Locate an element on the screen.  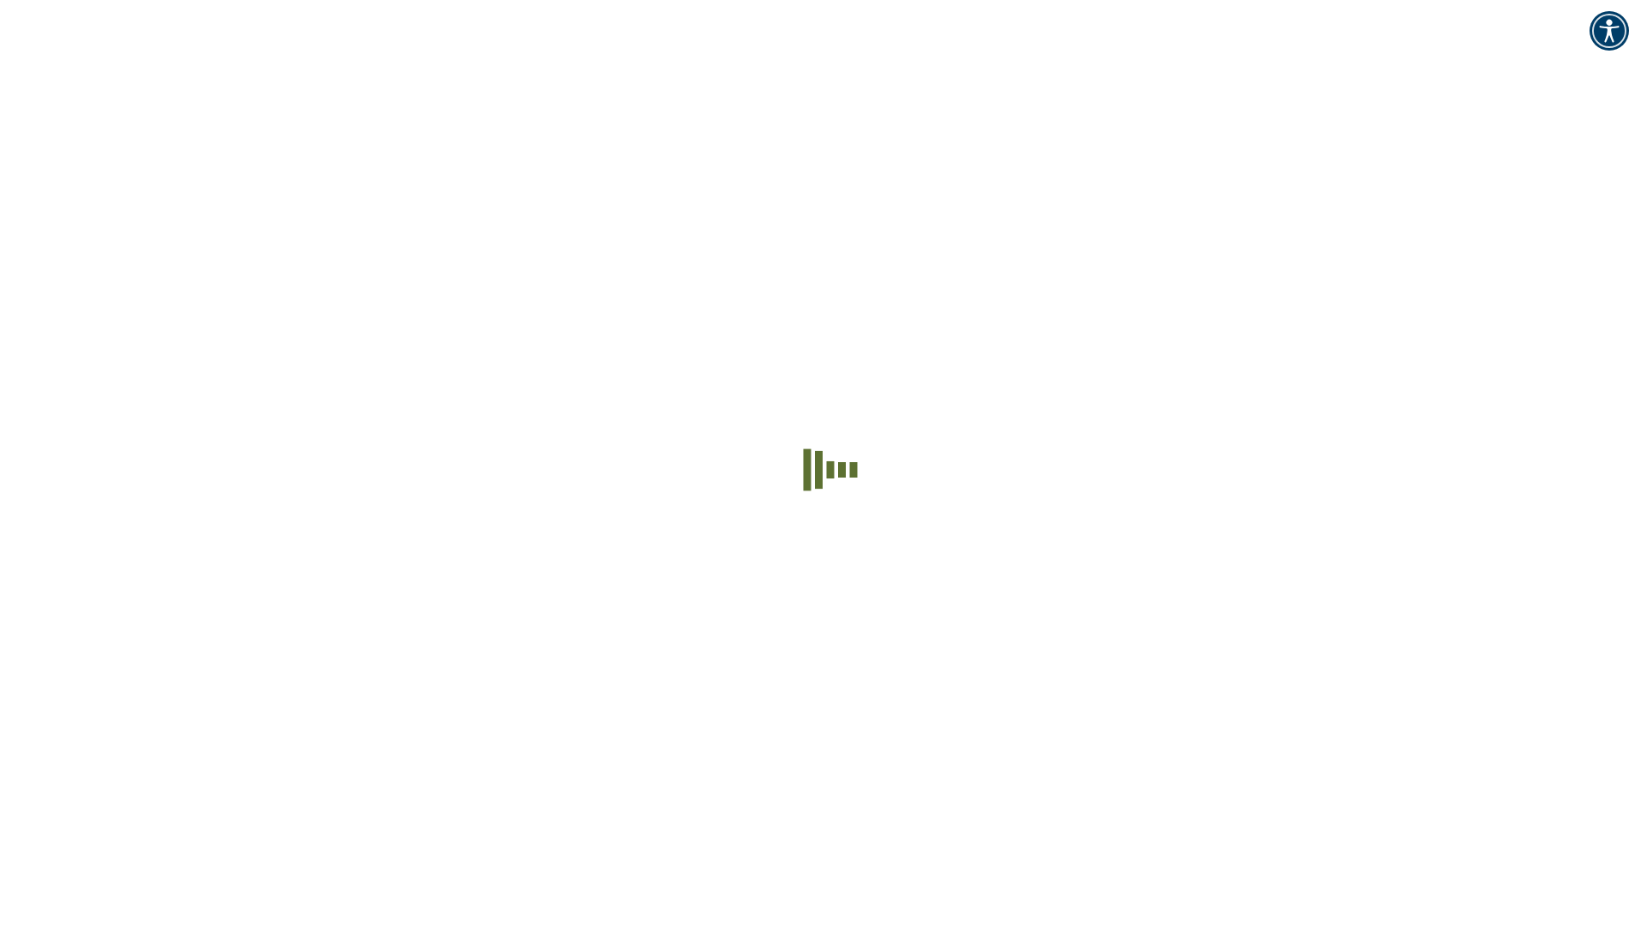
'Go to Top' is located at coordinates (7, 705).